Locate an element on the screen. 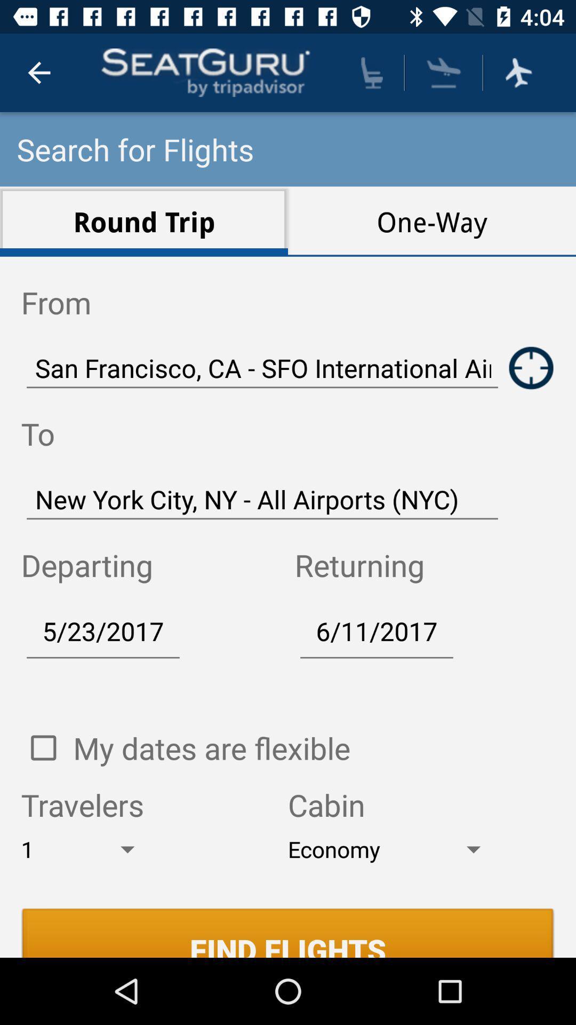  the location_crosshair icon is located at coordinates (531, 368).